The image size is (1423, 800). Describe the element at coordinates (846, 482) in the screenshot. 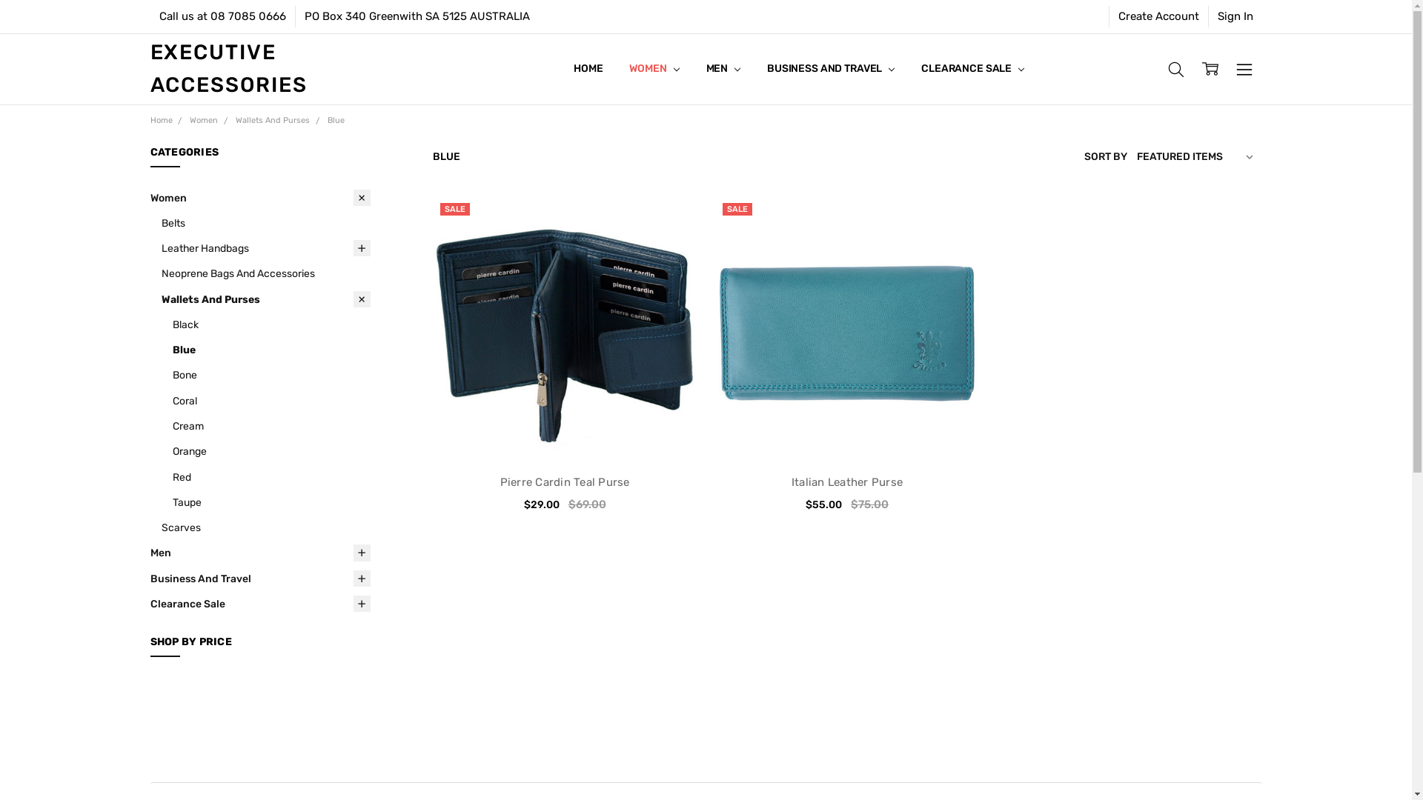

I see `'Italian Leather Purse'` at that location.